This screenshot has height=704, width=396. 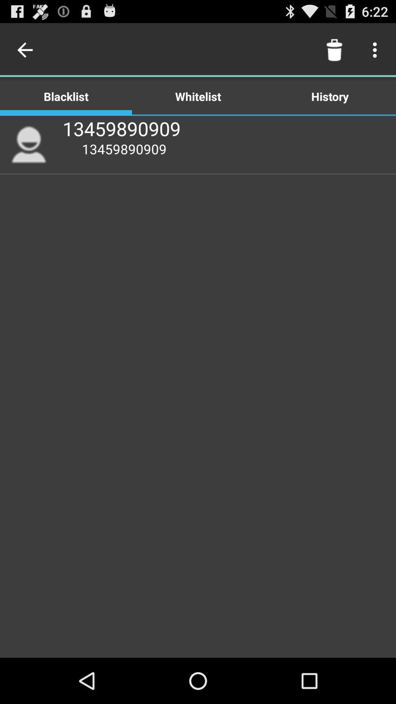 What do you see at coordinates (329, 96) in the screenshot?
I see `the item to the right of the whitelist icon` at bounding box center [329, 96].